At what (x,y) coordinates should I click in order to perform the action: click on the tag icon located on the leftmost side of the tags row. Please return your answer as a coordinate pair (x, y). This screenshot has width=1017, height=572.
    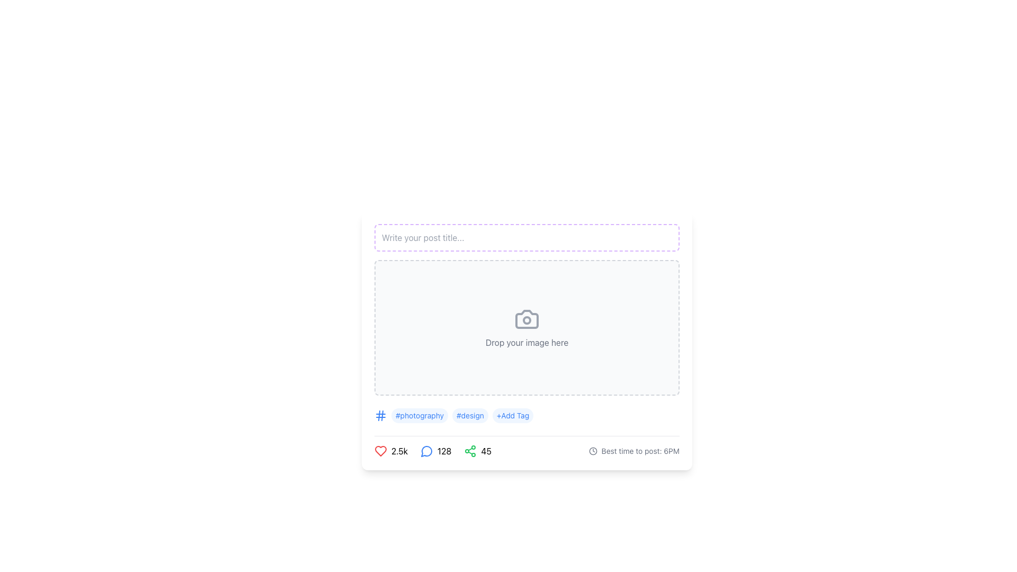
    Looking at the image, I should click on (381, 415).